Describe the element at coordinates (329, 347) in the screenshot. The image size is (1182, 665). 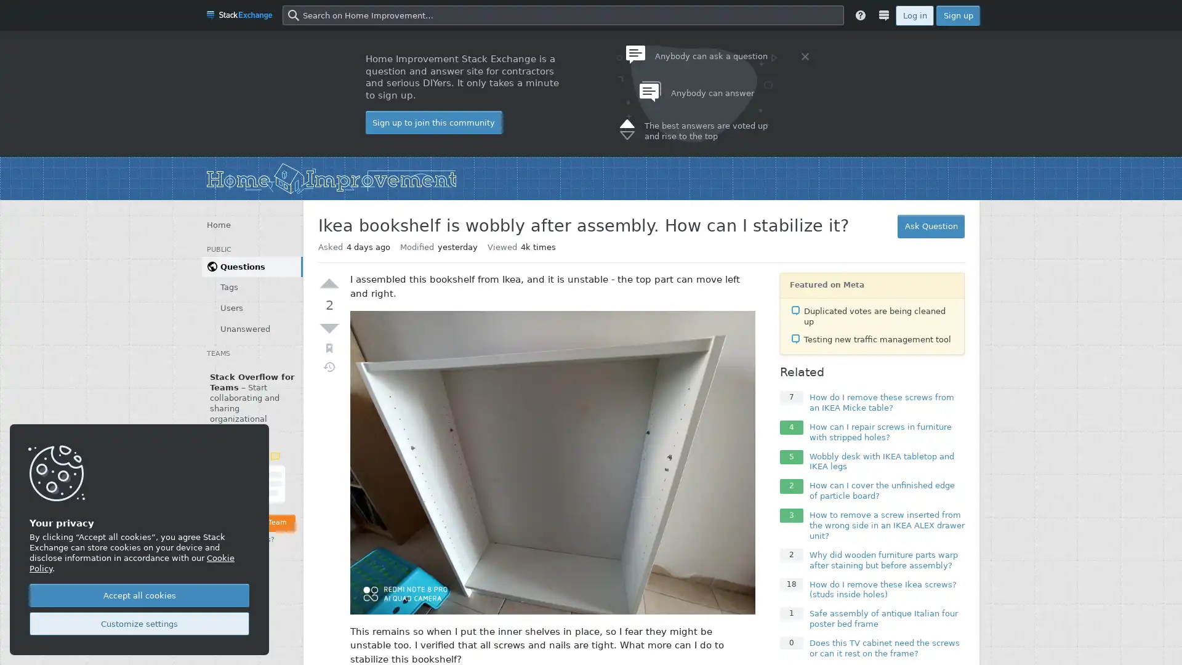
I see `Bookmark` at that location.